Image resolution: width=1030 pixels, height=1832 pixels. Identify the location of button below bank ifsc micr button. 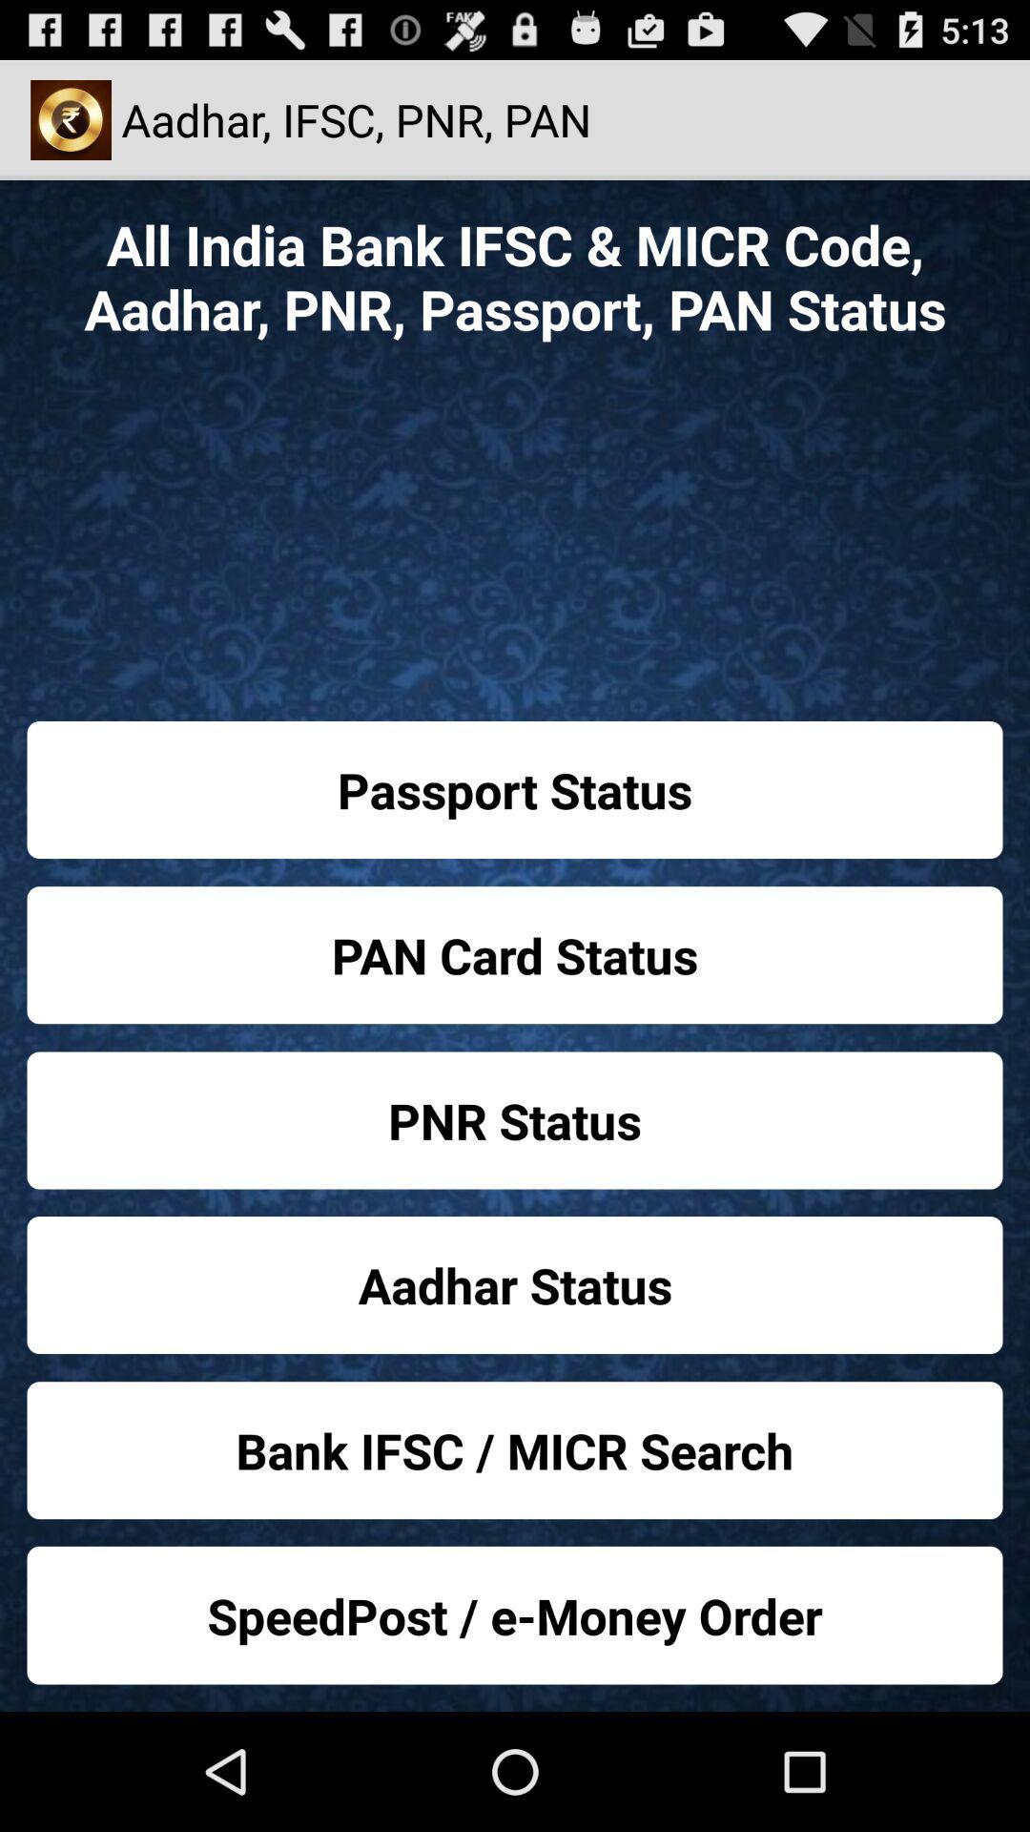
(515, 1614).